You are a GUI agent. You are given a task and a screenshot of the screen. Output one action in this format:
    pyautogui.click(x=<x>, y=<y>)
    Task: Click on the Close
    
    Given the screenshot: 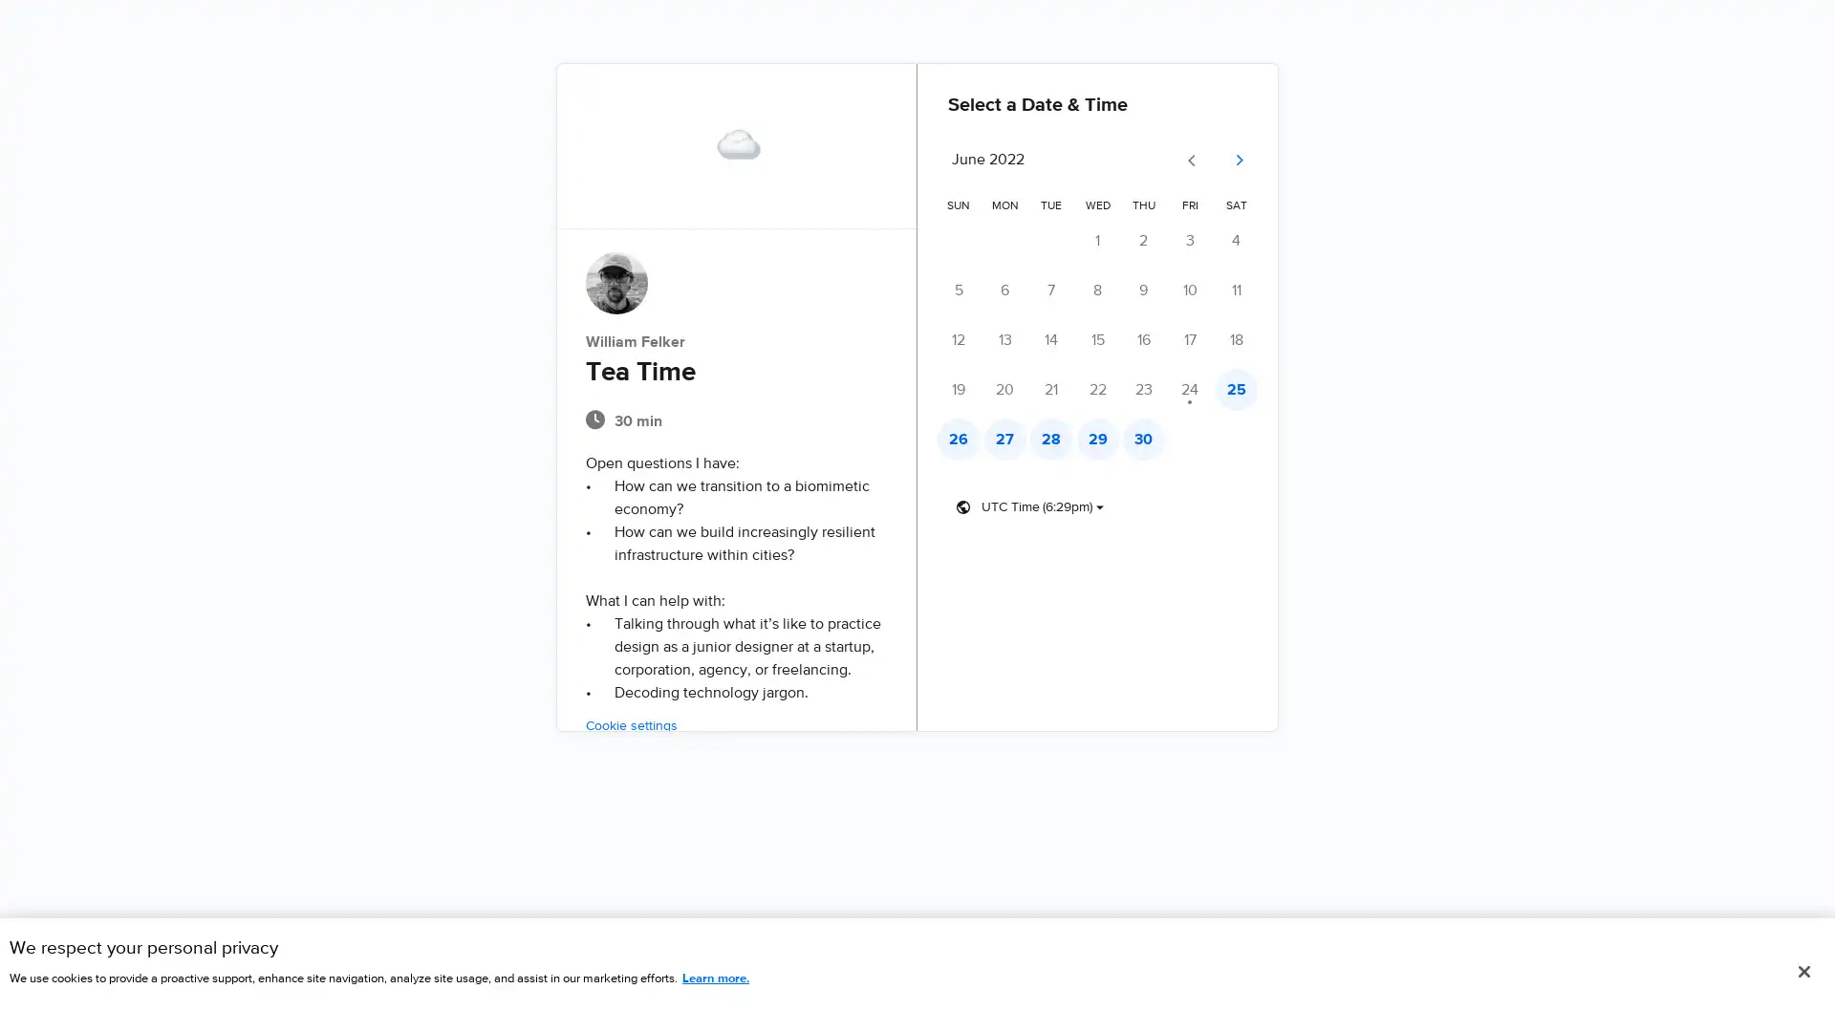 What is the action you would take?
    pyautogui.click(x=1803, y=972)
    